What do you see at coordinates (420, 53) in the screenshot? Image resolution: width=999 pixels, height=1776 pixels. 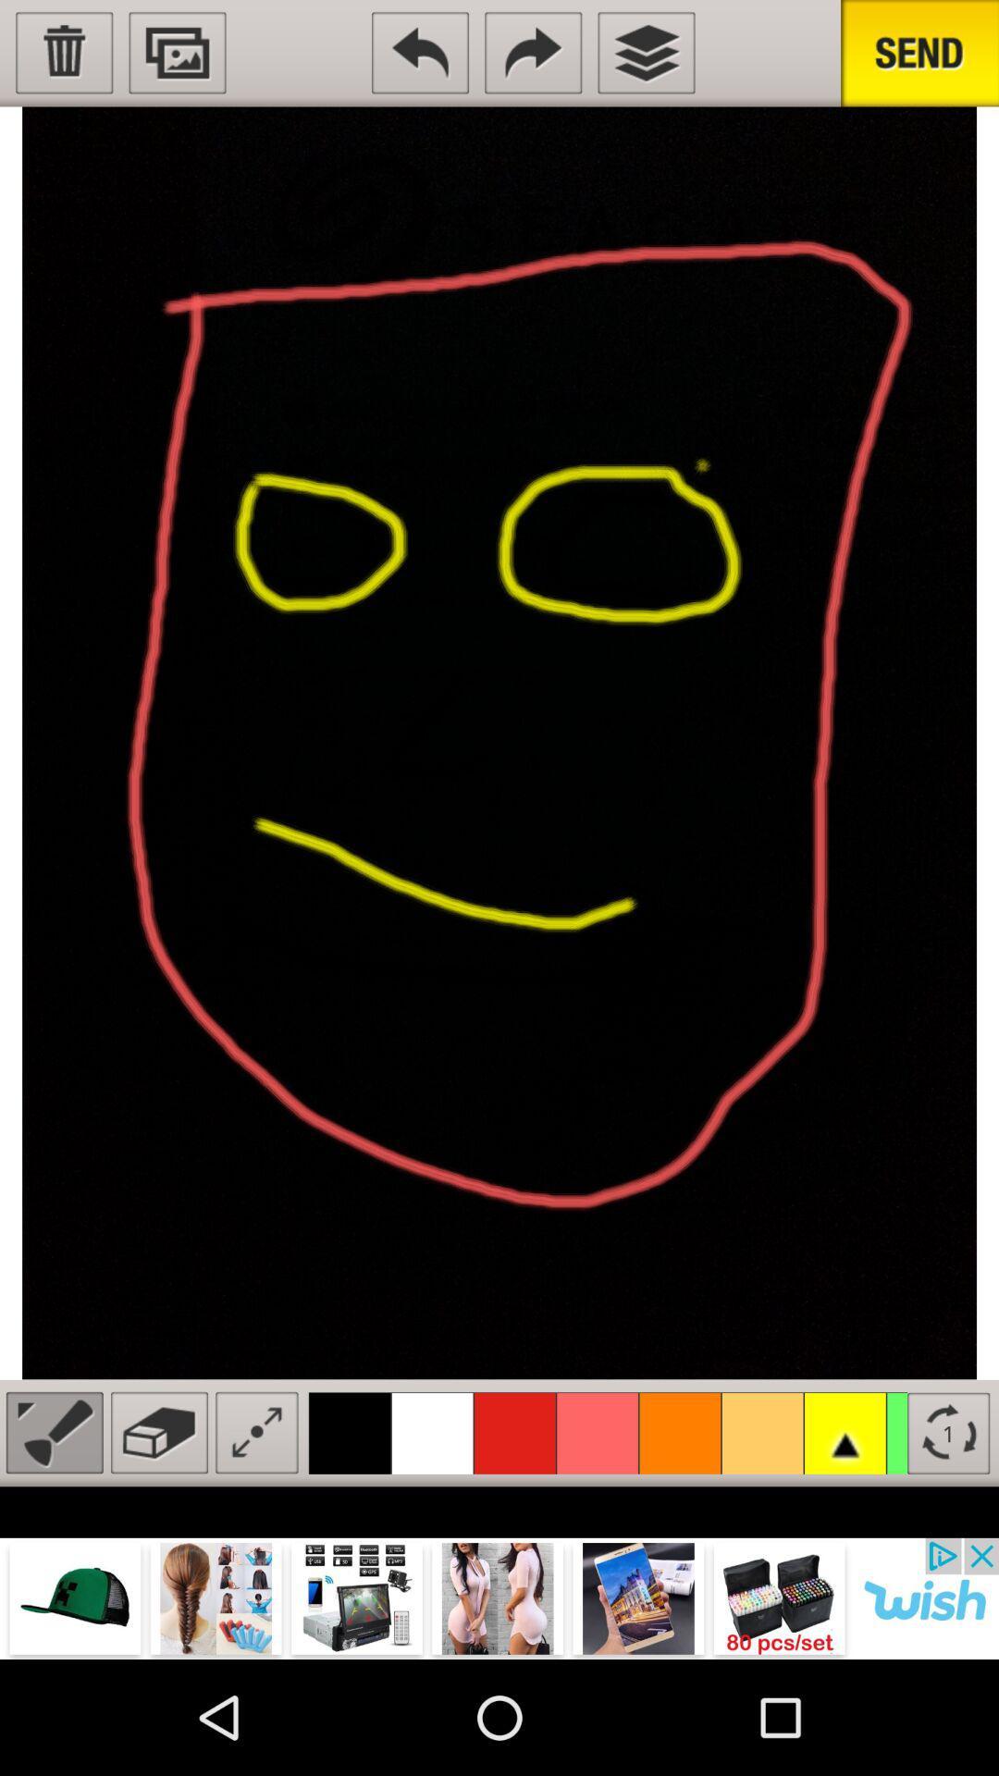 I see `back` at bounding box center [420, 53].